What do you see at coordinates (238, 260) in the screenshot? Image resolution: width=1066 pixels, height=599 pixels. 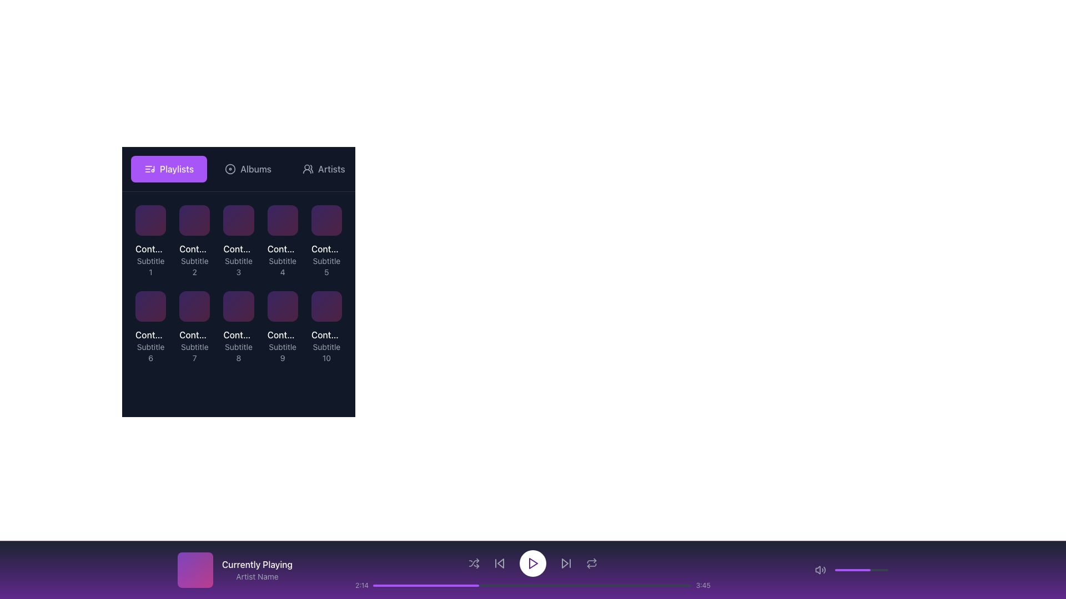 I see `associated controls` at bounding box center [238, 260].